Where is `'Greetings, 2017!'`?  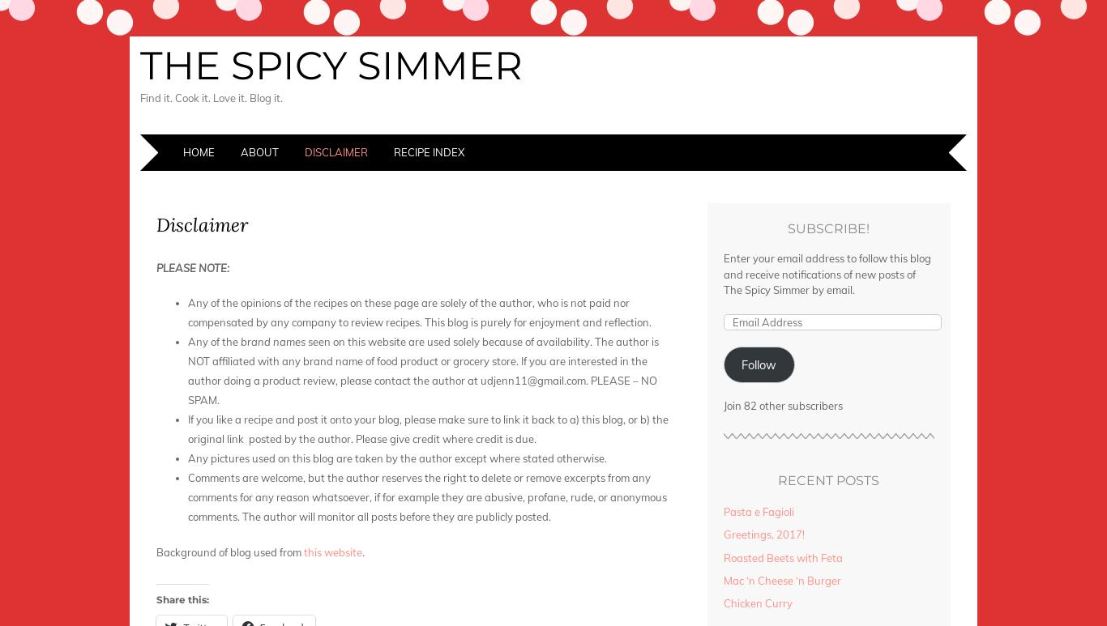 'Greetings, 2017!' is located at coordinates (763, 534).